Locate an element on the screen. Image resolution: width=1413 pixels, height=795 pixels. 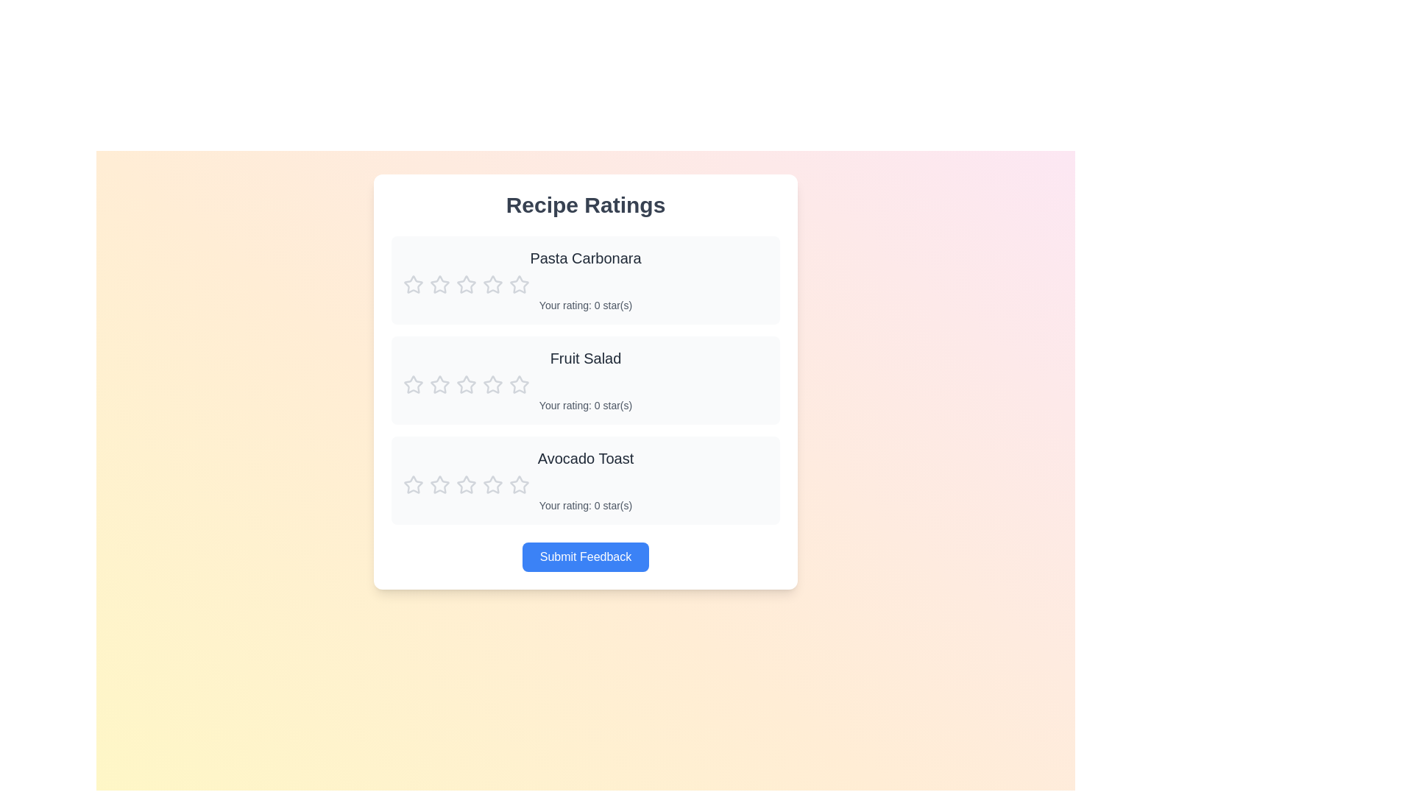
the first star-shaped graphic icon used for ratings associated with 'Avocado Toast' is located at coordinates (439, 484).